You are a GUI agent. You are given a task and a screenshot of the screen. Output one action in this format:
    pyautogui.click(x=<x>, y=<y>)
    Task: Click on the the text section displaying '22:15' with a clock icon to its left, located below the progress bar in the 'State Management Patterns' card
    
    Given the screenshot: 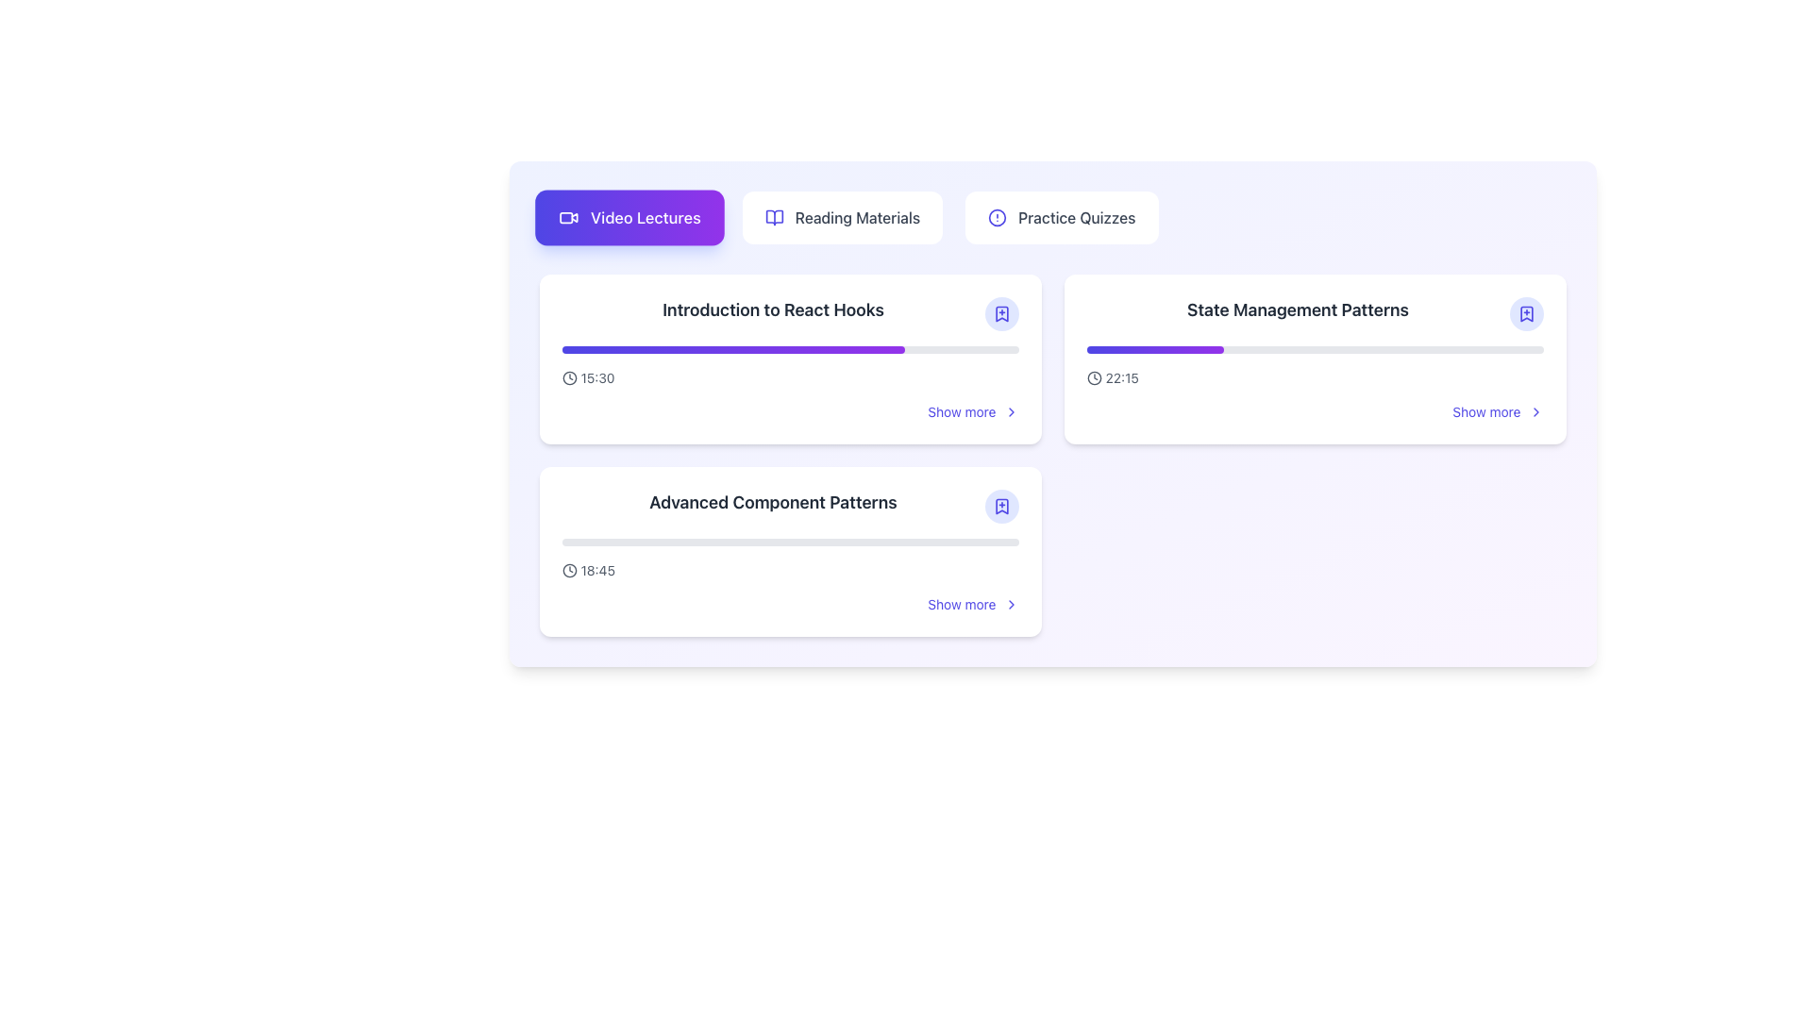 What is the action you would take?
    pyautogui.click(x=1314, y=378)
    